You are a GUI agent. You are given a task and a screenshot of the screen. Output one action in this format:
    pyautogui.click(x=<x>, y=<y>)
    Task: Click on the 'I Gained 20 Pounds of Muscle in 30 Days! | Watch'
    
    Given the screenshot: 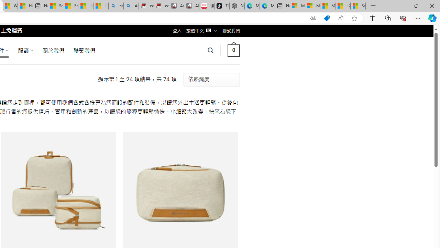 What is the action you would take?
    pyautogui.click(x=343, y=6)
    